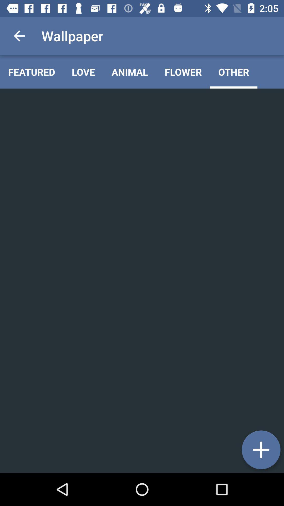 Image resolution: width=284 pixels, height=506 pixels. Describe the element at coordinates (83, 72) in the screenshot. I see `love item` at that location.